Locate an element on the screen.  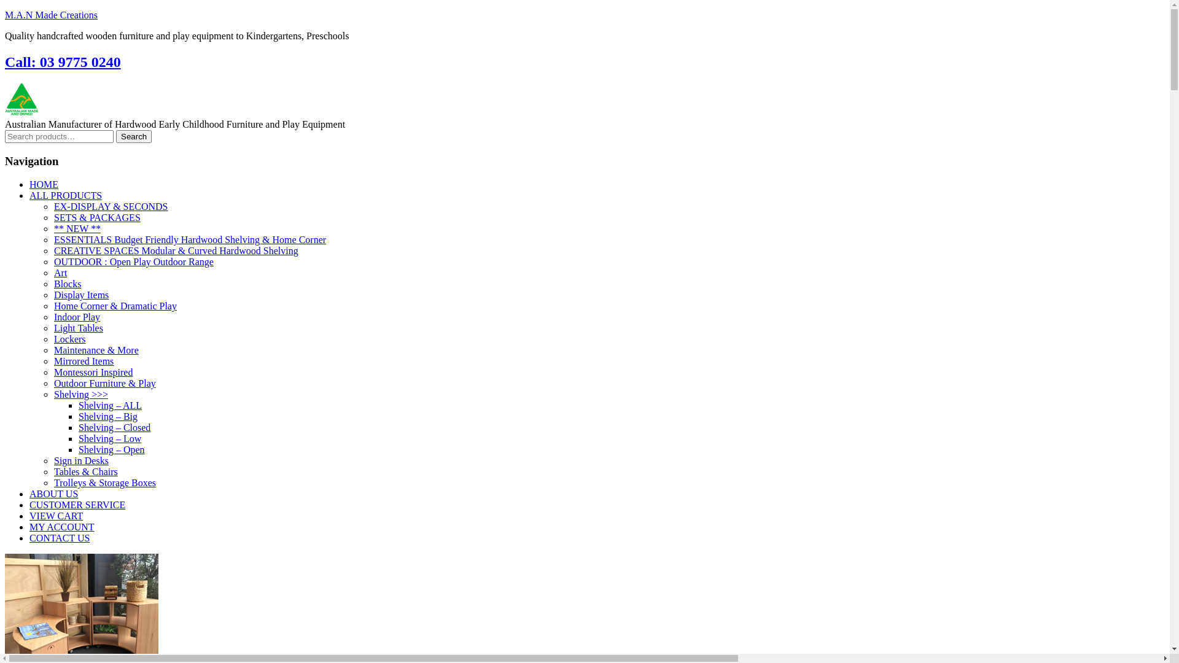
'Light Tables' is located at coordinates (78, 327).